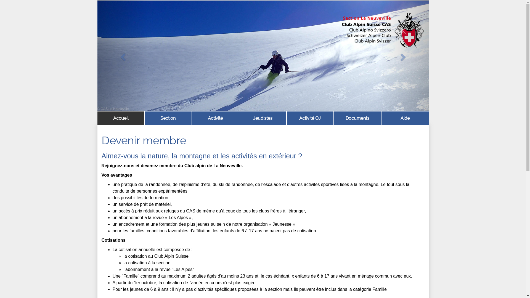 The height and width of the screenshot is (298, 530). What do you see at coordinates (357, 118) in the screenshot?
I see `'Documents'` at bounding box center [357, 118].